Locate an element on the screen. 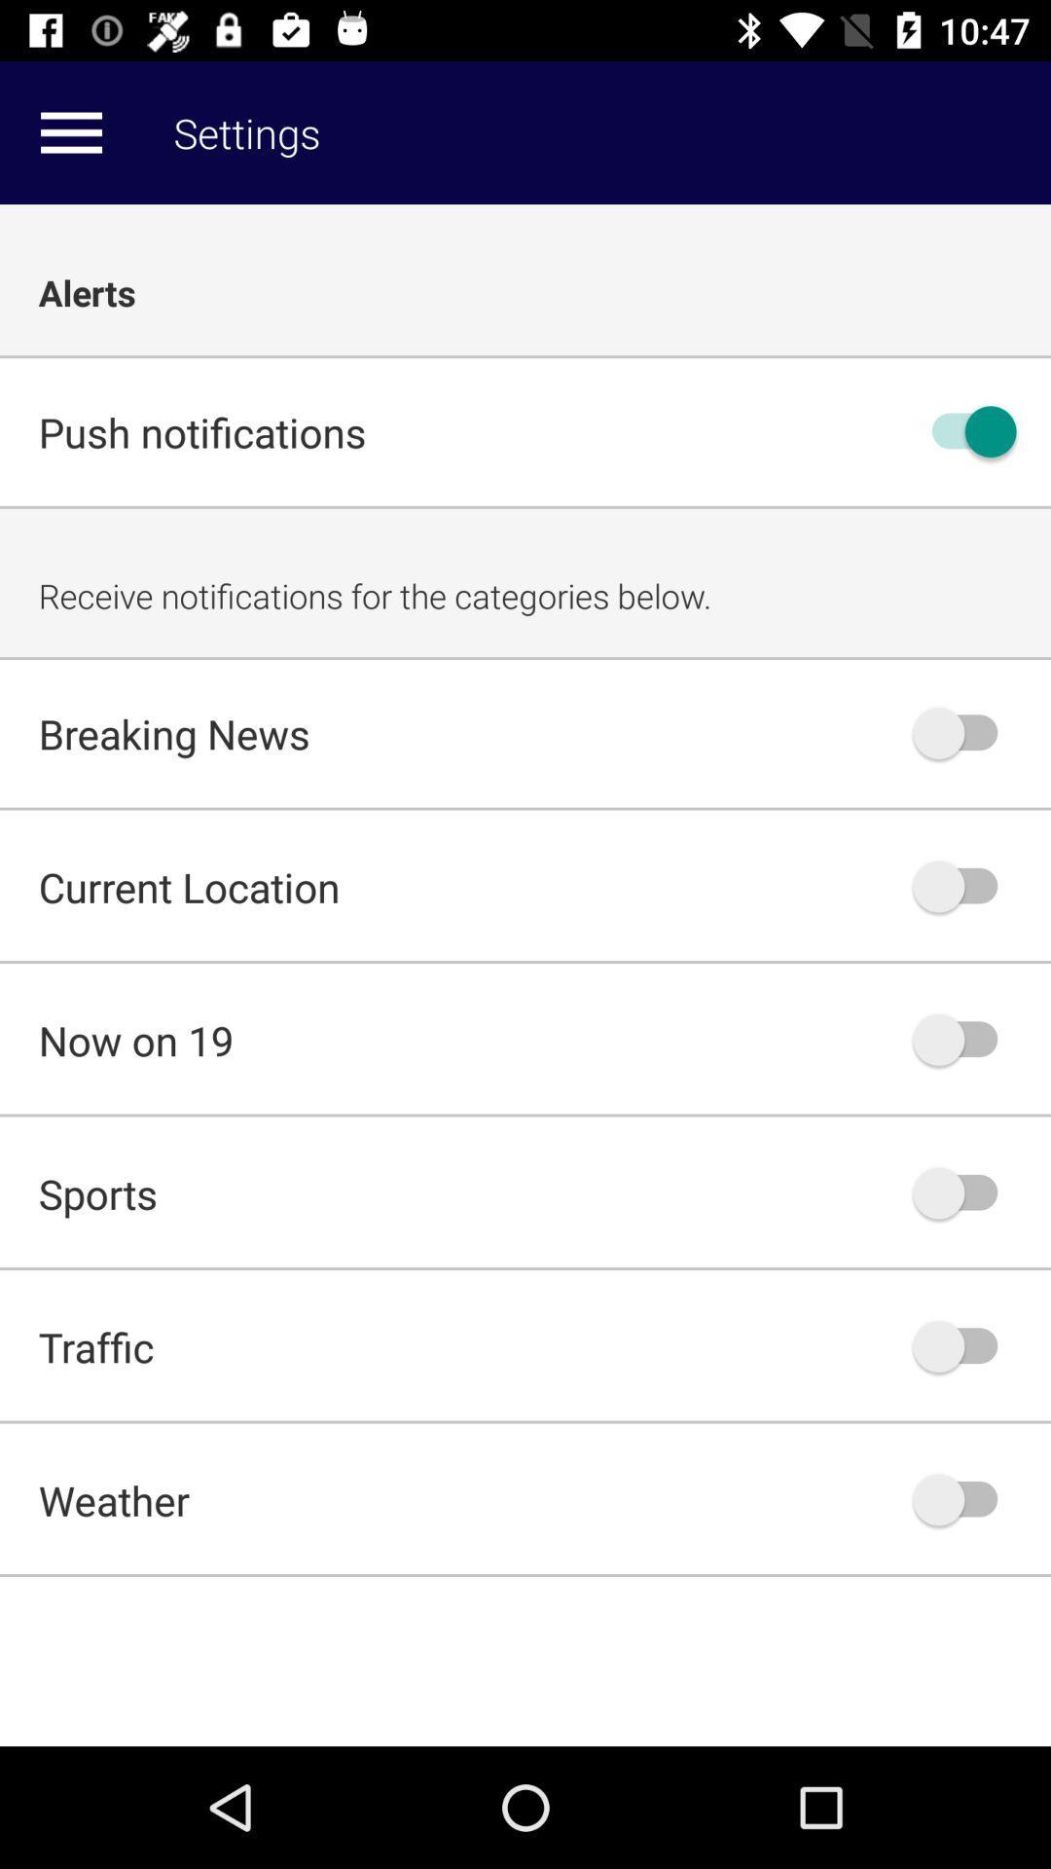 This screenshot has width=1051, height=1869. app to the left of the settings icon is located at coordinates (70, 131).